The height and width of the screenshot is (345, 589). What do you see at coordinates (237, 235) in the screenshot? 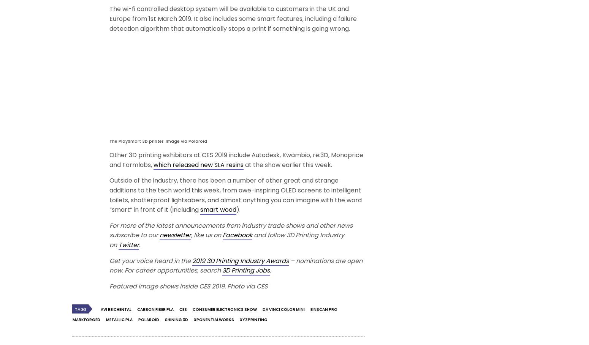
I see `'Facebook'` at bounding box center [237, 235].